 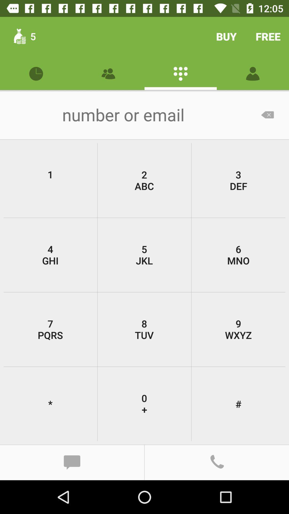 I want to click on 6, so click(x=238, y=255).